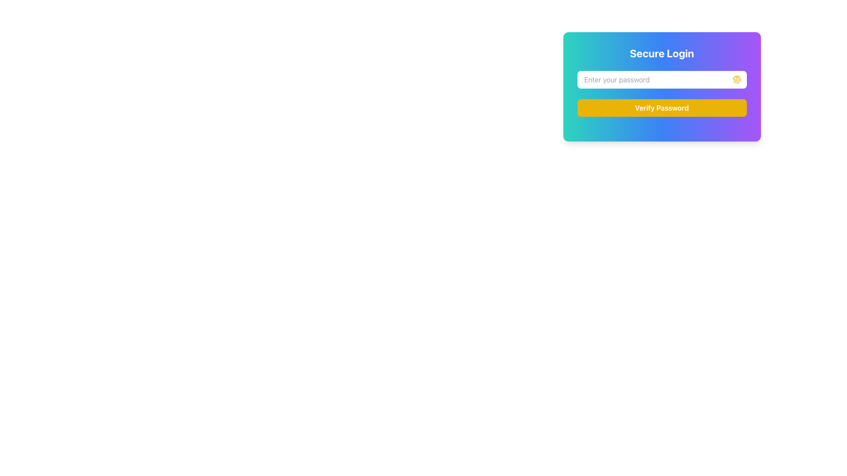 This screenshot has height=476, width=847. Describe the element at coordinates (662, 108) in the screenshot. I see `the 'Verify Password' button, which is a yellow rectangular button with rounded corners located below the fingerprint icon input field in the 'Secure Login' card` at that location.